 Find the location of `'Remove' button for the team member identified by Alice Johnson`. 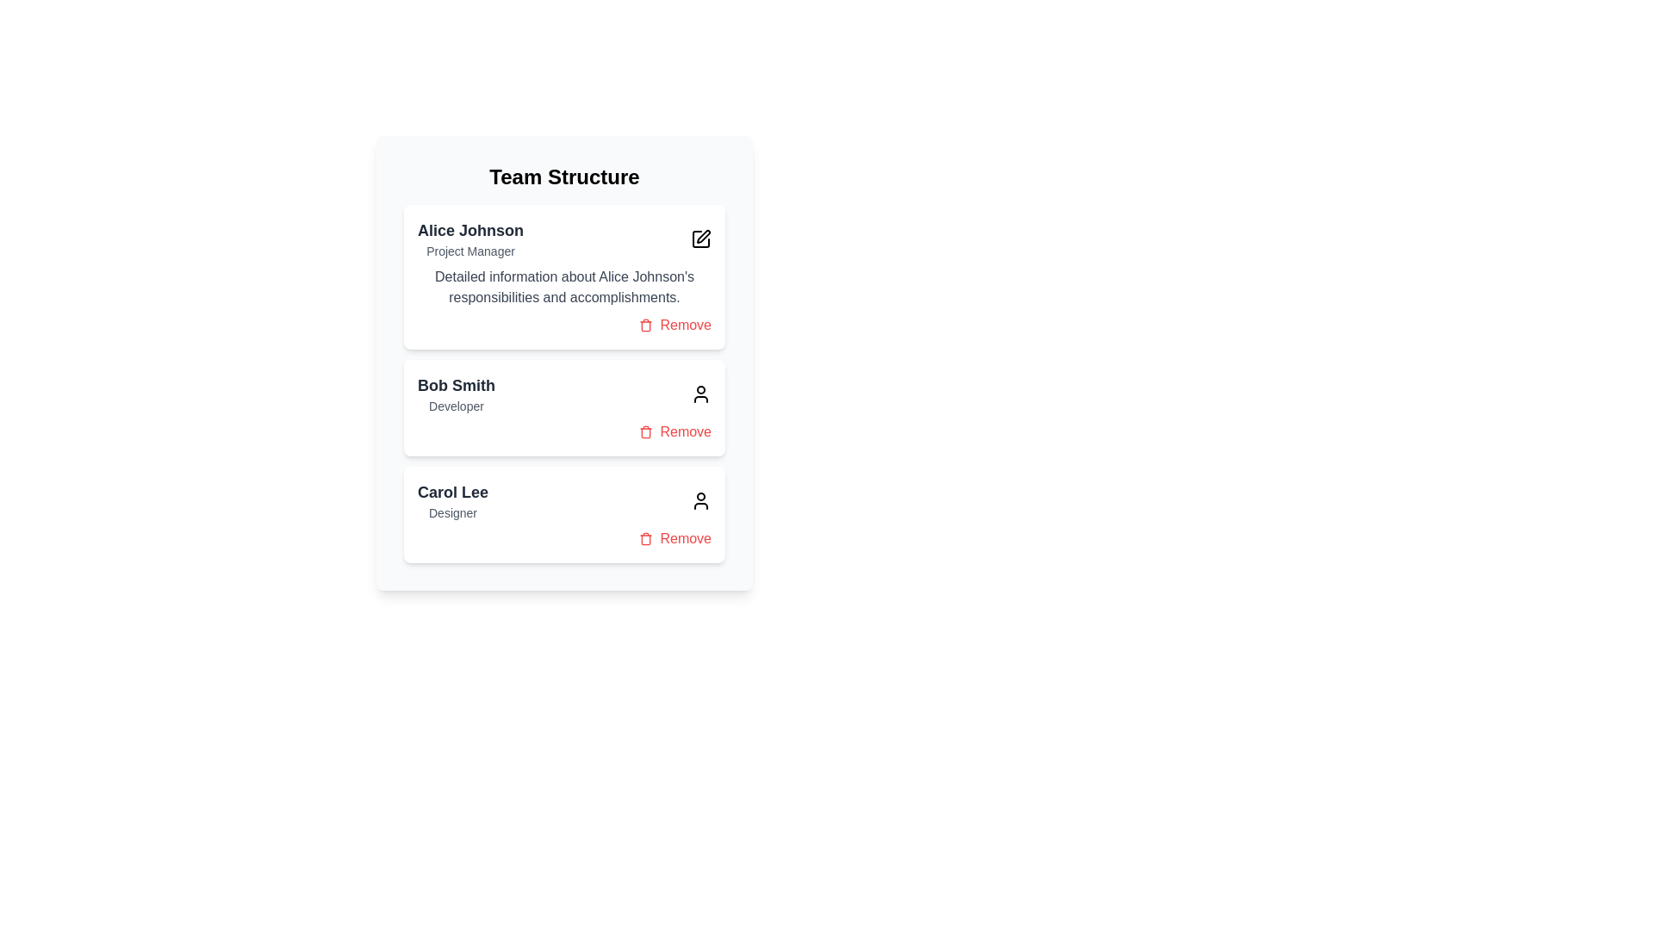

'Remove' button for the team member identified by Alice Johnson is located at coordinates (674, 325).